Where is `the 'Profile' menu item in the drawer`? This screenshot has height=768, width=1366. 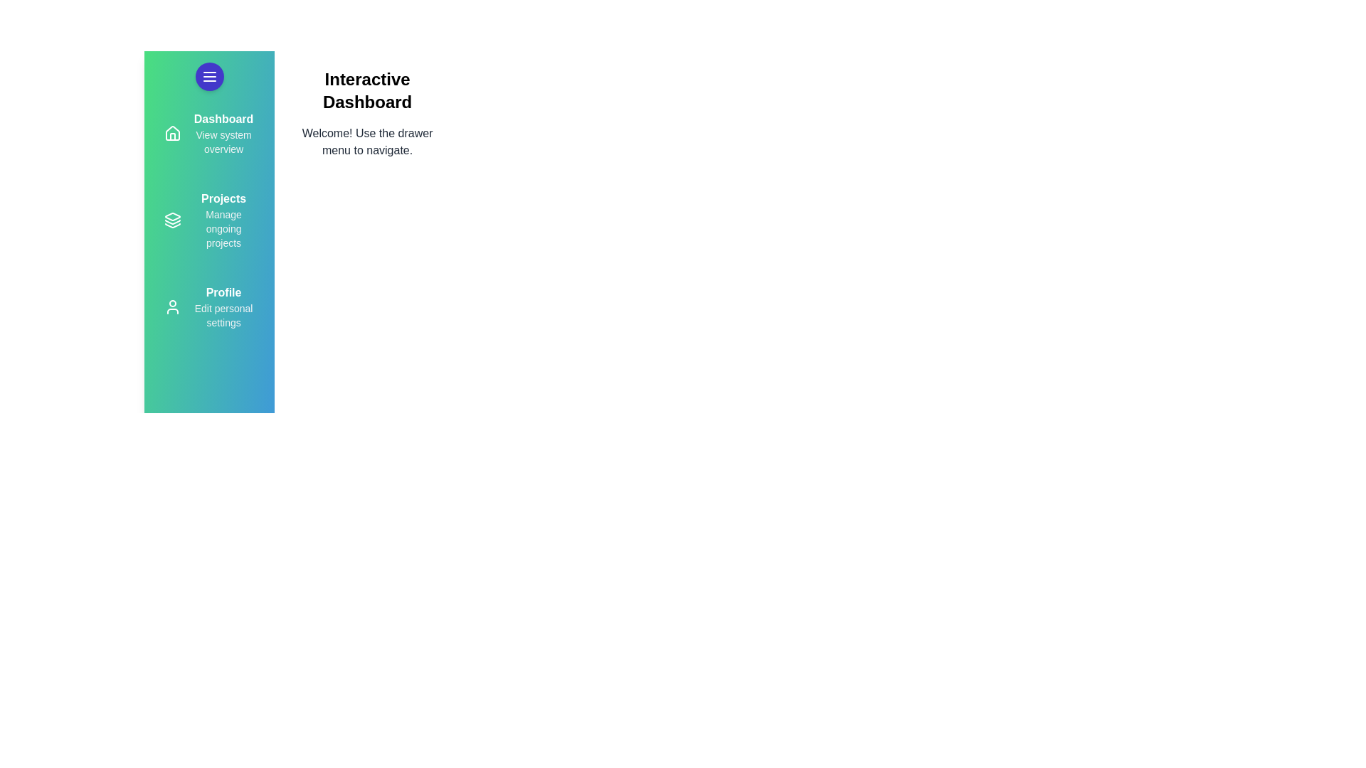
the 'Profile' menu item in the drawer is located at coordinates (223, 306).